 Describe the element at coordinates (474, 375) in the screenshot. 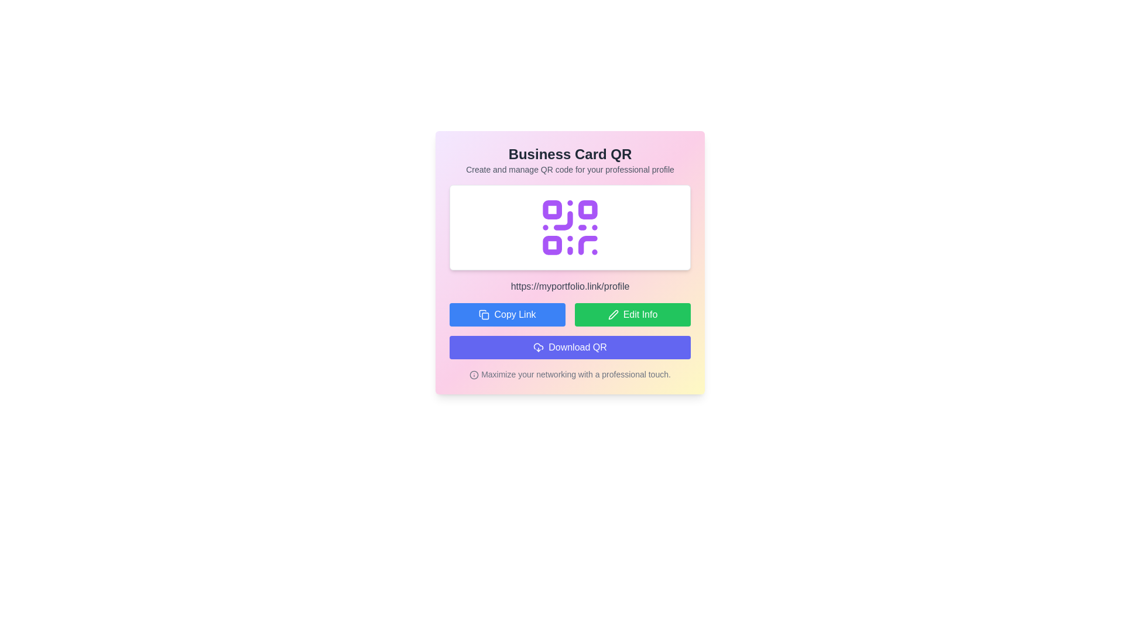

I see `the informational icon located to the left of the text 'Maximize your networking with a professional touch.' in the footer section` at that location.